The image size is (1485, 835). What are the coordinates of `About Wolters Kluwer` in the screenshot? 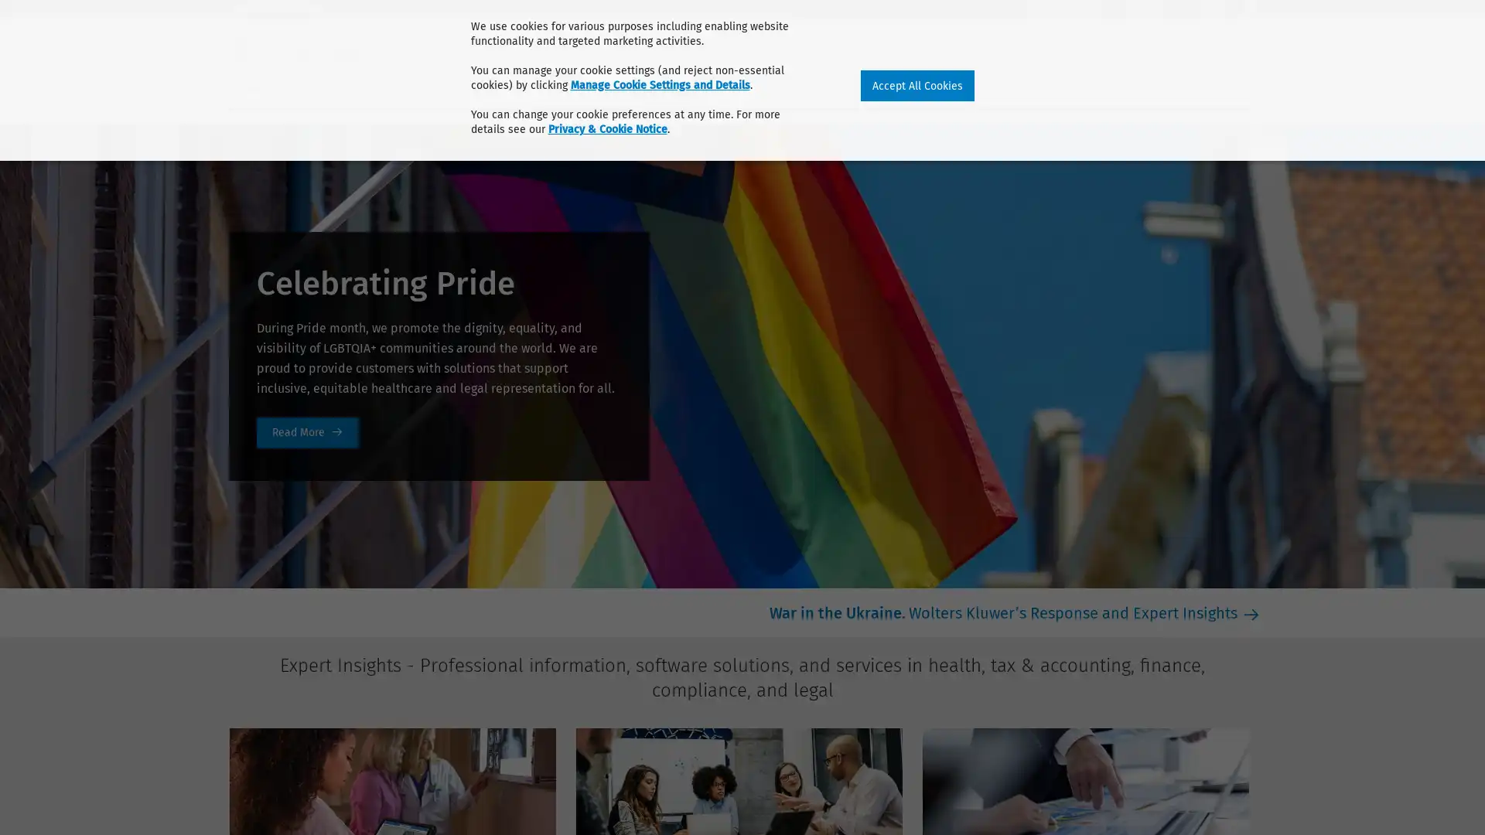 It's located at (289, 9).